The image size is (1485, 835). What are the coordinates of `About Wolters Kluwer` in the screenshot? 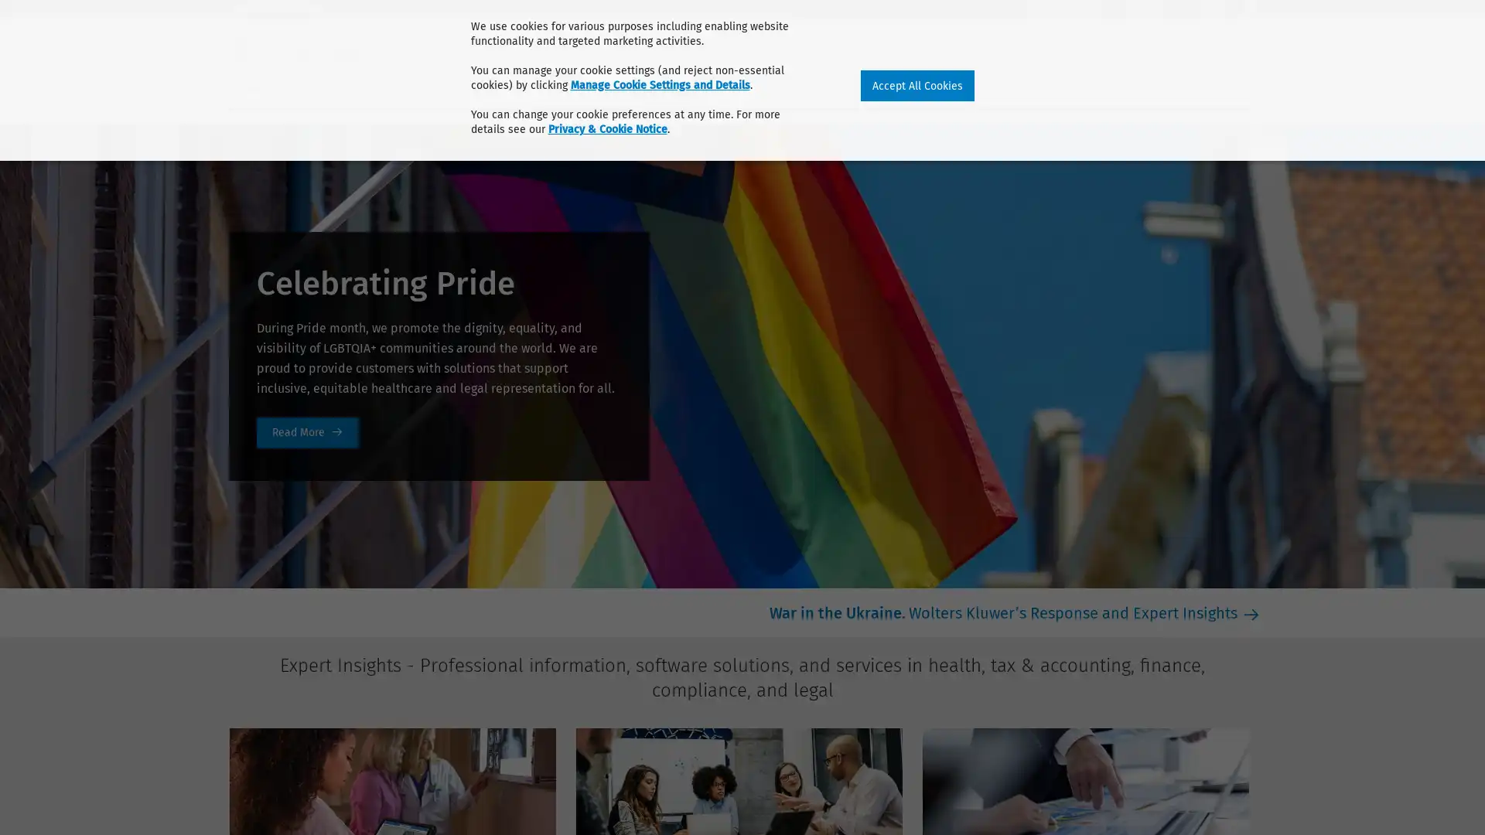 It's located at (289, 9).